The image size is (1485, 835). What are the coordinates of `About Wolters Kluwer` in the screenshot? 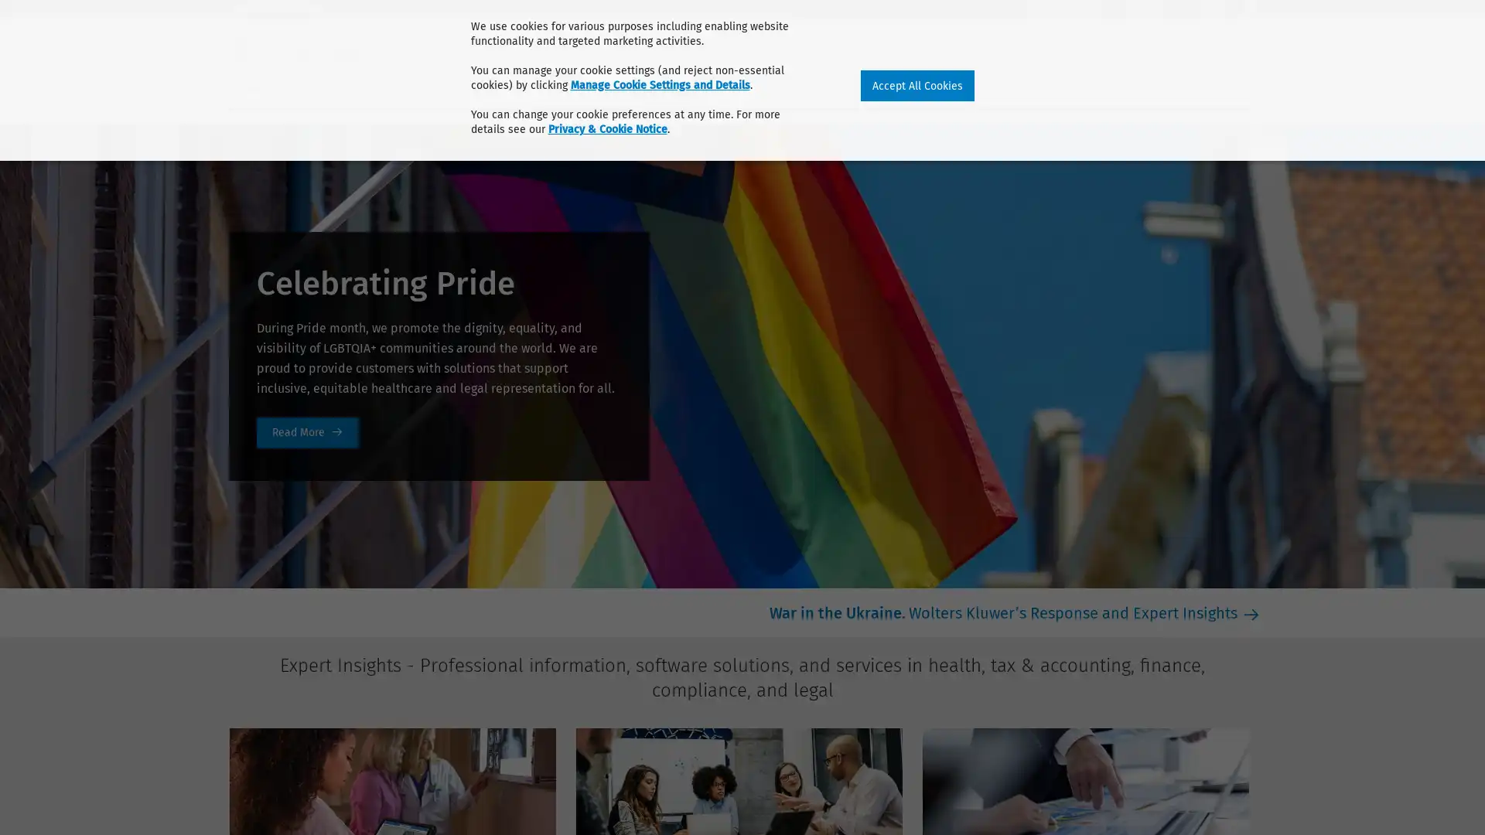 It's located at (289, 9).